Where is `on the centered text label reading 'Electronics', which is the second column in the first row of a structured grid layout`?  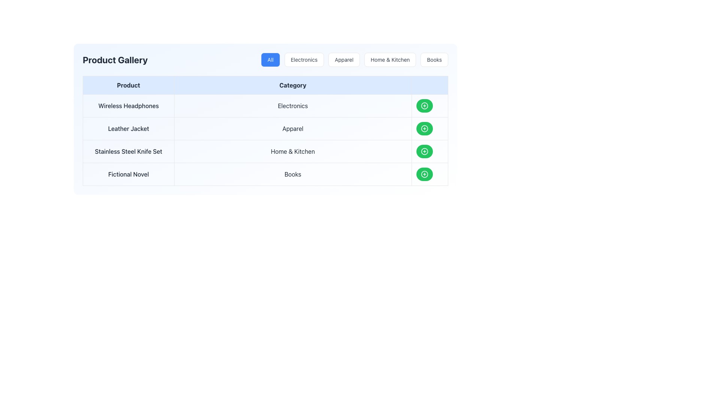 on the centered text label reading 'Electronics', which is the second column in the first row of a structured grid layout is located at coordinates (292, 105).